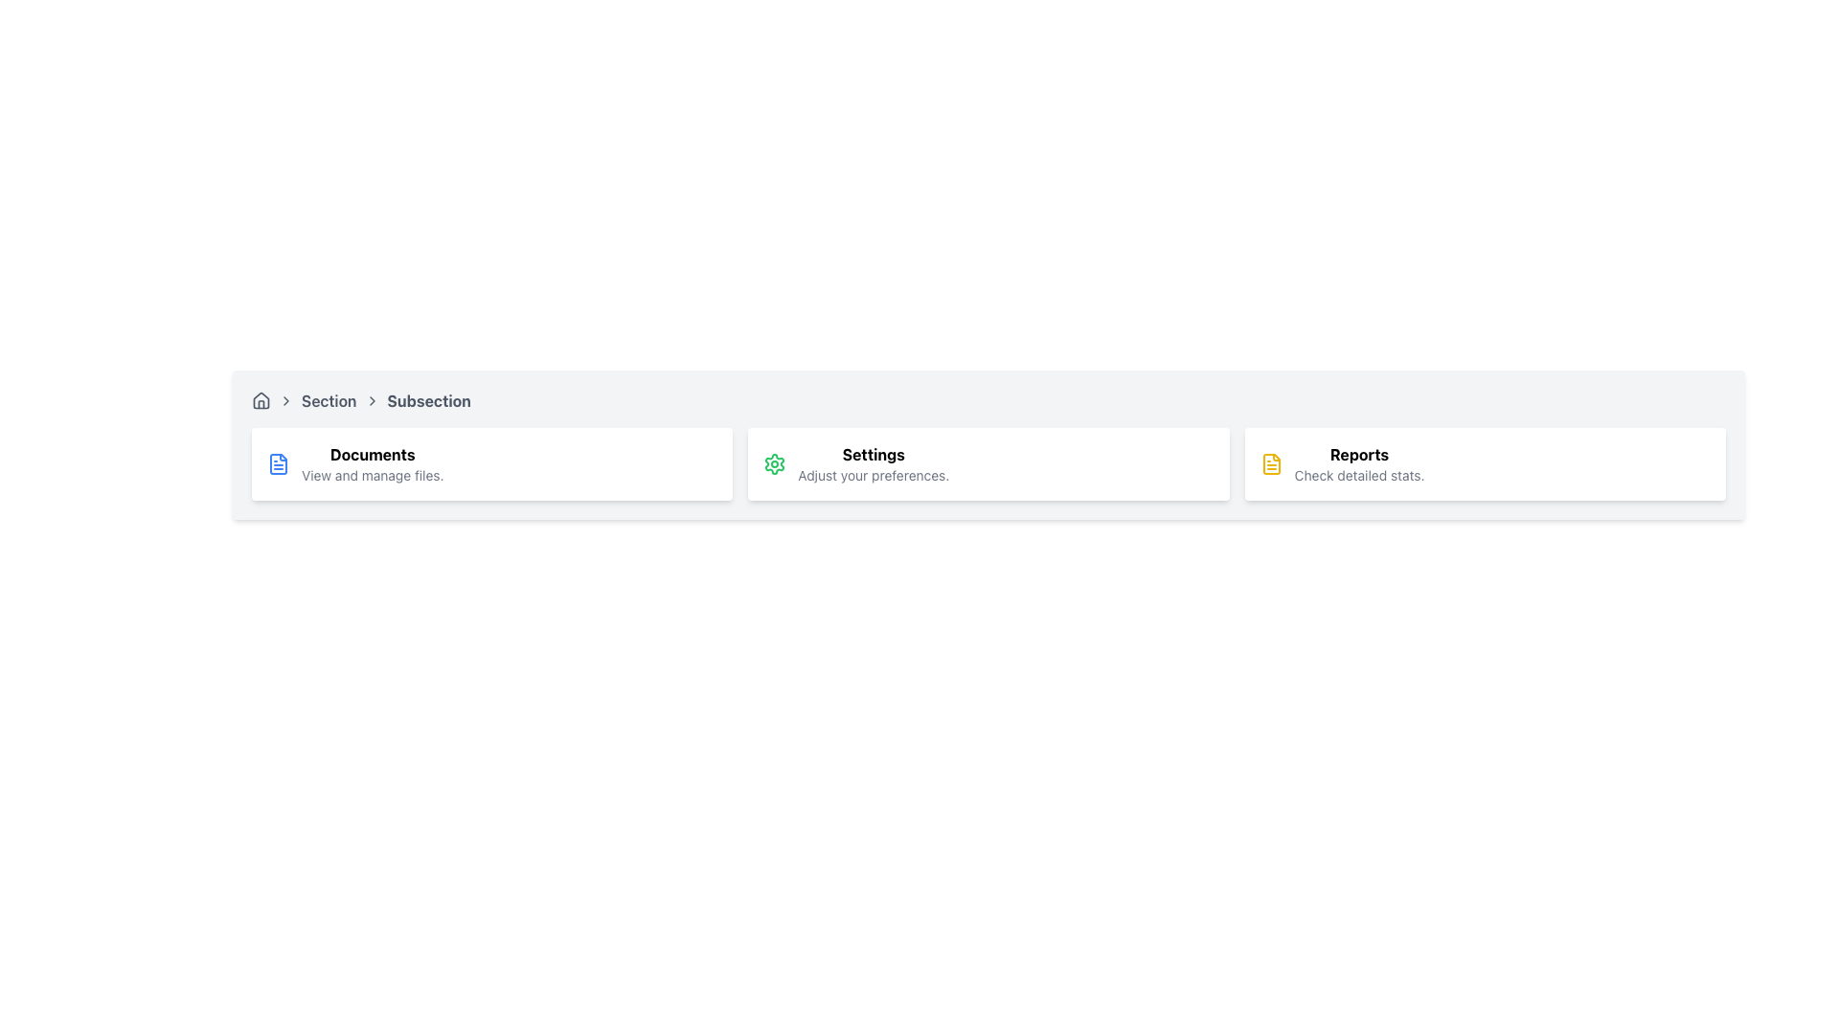 The image size is (1839, 1034). What do you see at coordinates (775, 464) in the screenshot?
I see `the green gear-shaped icon within the 'Settings' card that represents settings or configuration functionality` at bounding box center [775, 464].